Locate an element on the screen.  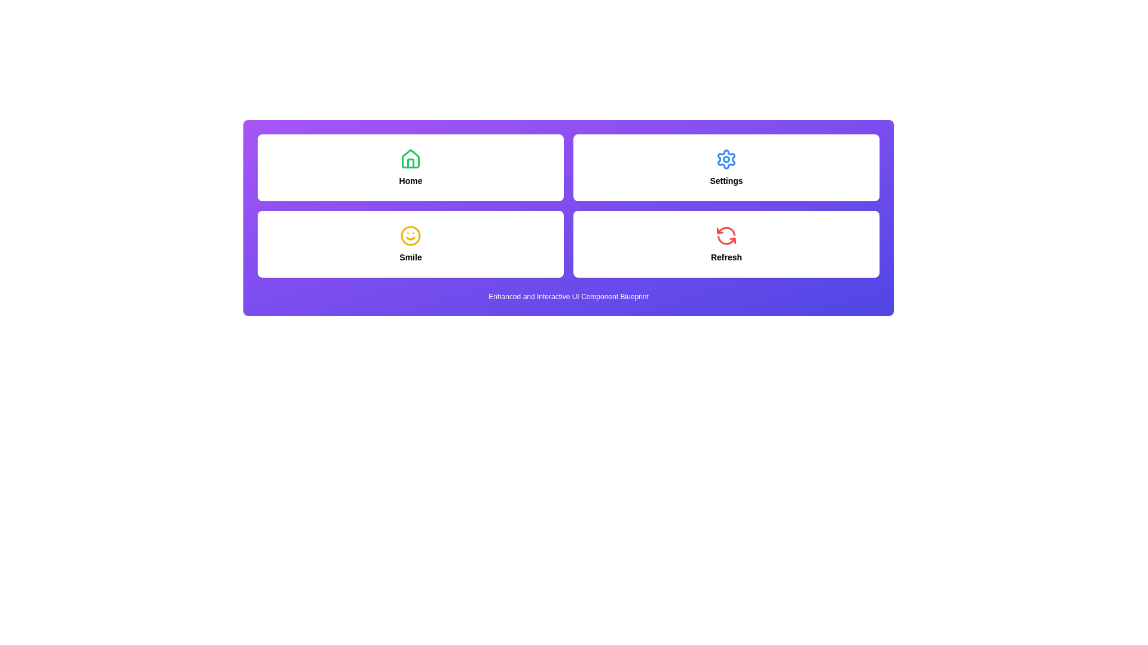
the 'Settings' icon located in the top-right quadrant of the grid, centered above the 'Settings' text label is located at coordinates (725, 158).